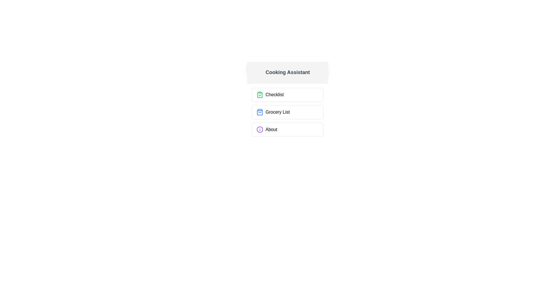  Describe the element at coordinates (260, 112) in the screenshot. I see `the icon accompanying the Grocery List button` at that location.